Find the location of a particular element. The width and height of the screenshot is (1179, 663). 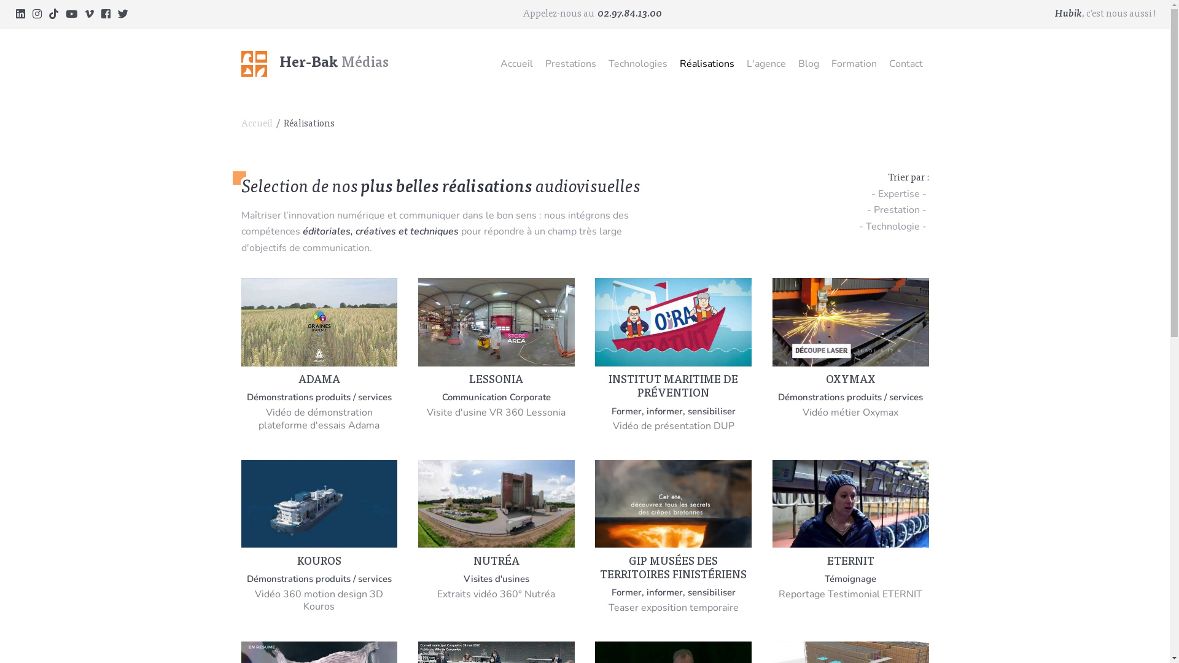

'Accueil' is located at coordinates (494, 64).